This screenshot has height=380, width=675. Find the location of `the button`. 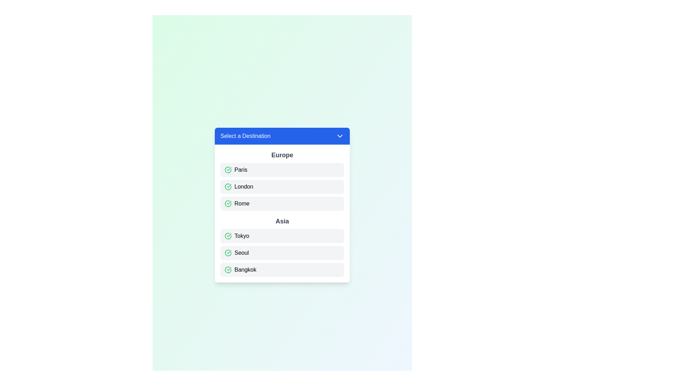

the button is located at coordinates (282, 170).